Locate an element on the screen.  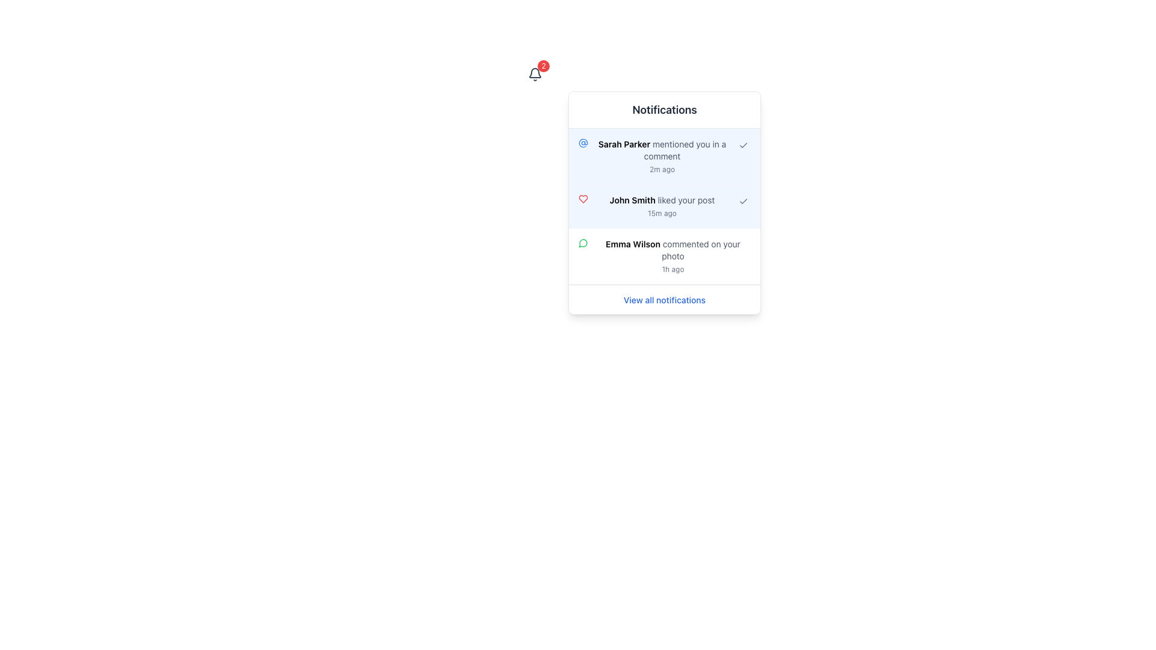
the notification area icon located centrally in the header section, just before the badge showing the number '2' is located at coordinates (534, 74).